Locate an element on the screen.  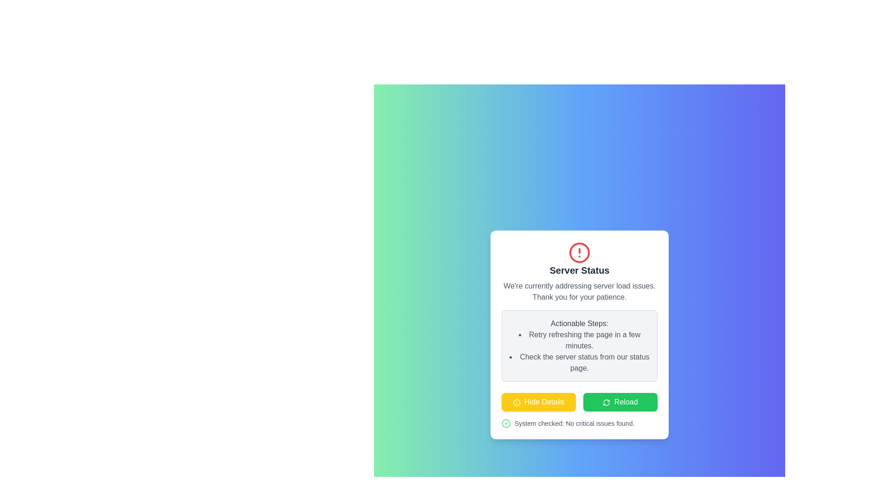
the icon that signifies successful system check completion, located on the left side of the text 'System checked: No critical issues found.' is located at coordinates (505, 424).